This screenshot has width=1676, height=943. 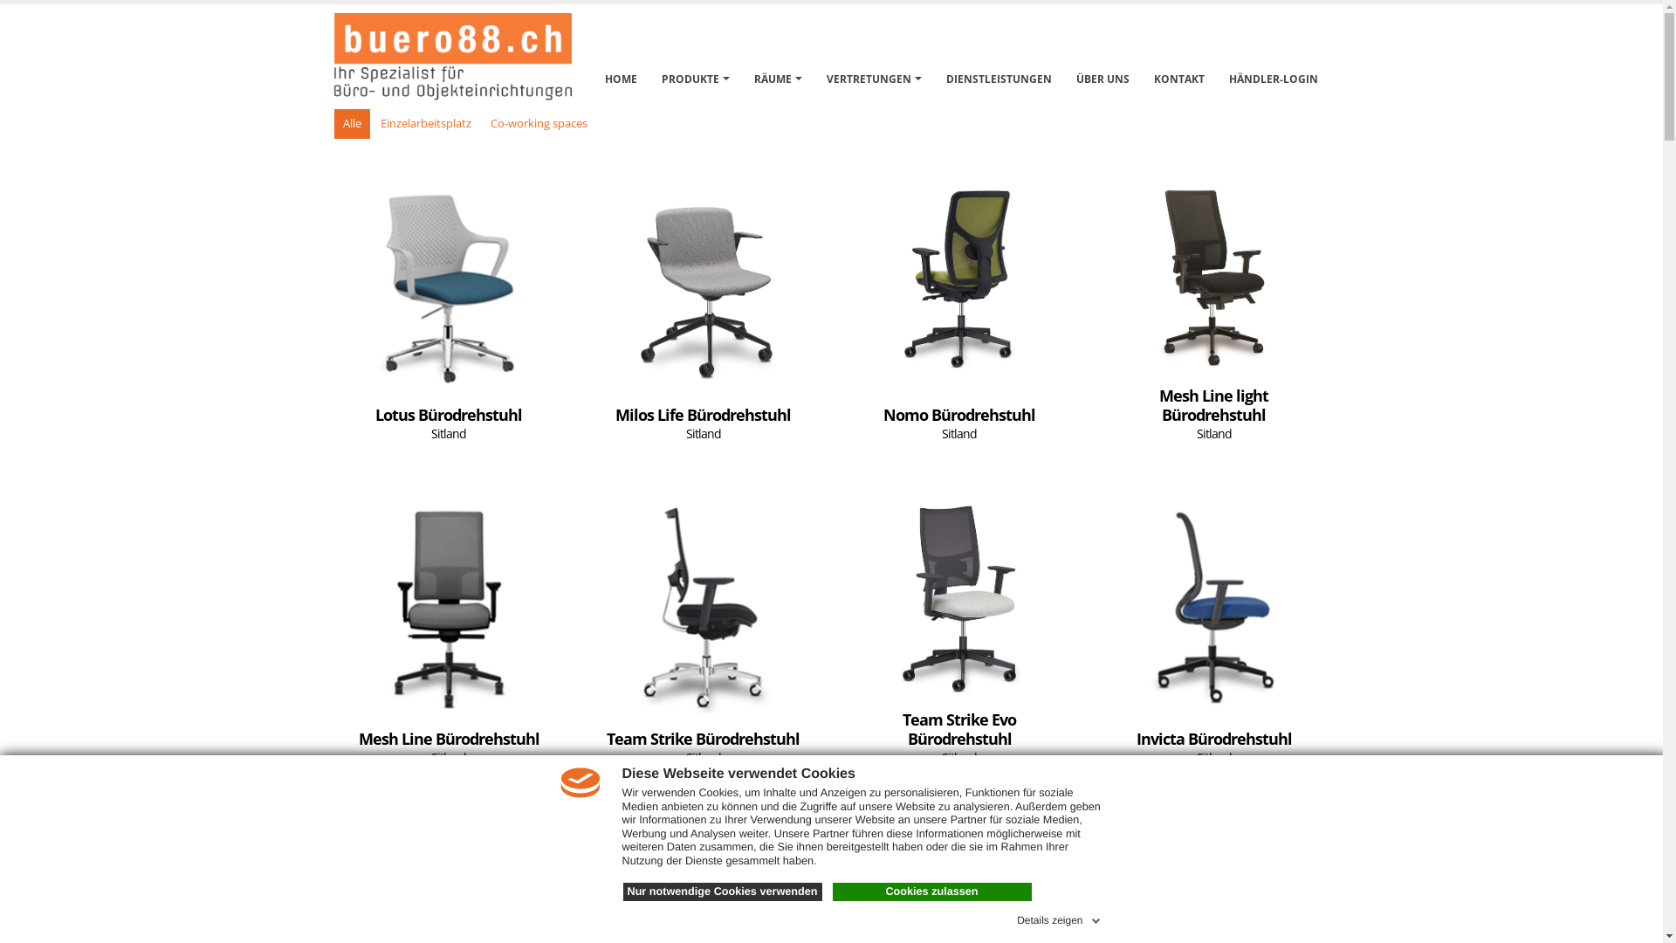 What do you see at coordinates (594, 60) in the screenshot?
I see `'HOME'` at bounding box center [594, 60].